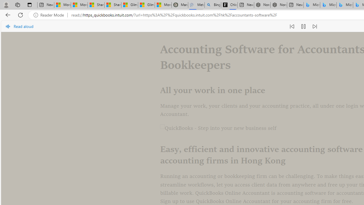  Describe the element at coordinates (229, 5) in the screenshot. I see `'Chloe Sorvino'` at that location.